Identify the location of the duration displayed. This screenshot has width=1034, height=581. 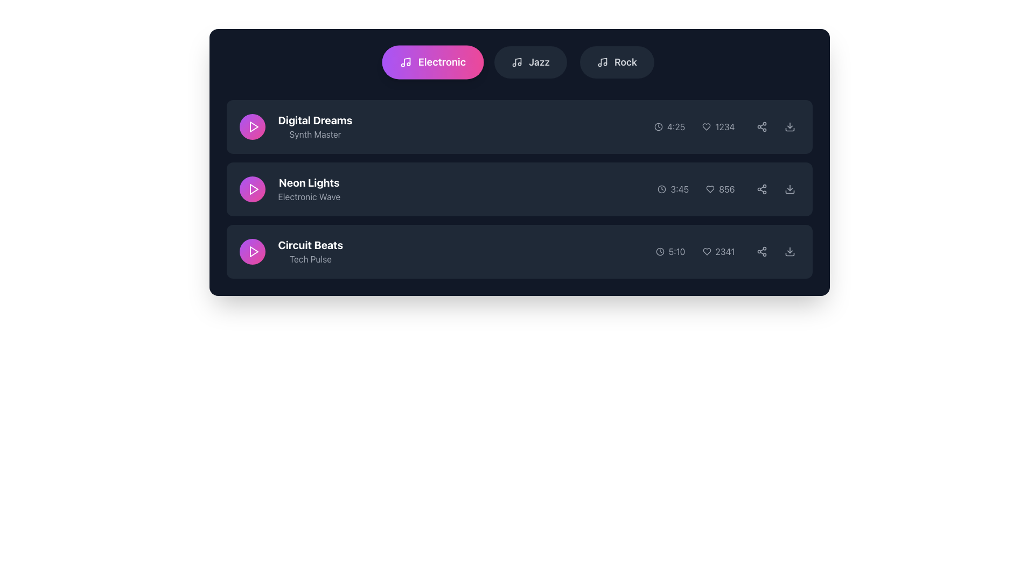
(679, 188).